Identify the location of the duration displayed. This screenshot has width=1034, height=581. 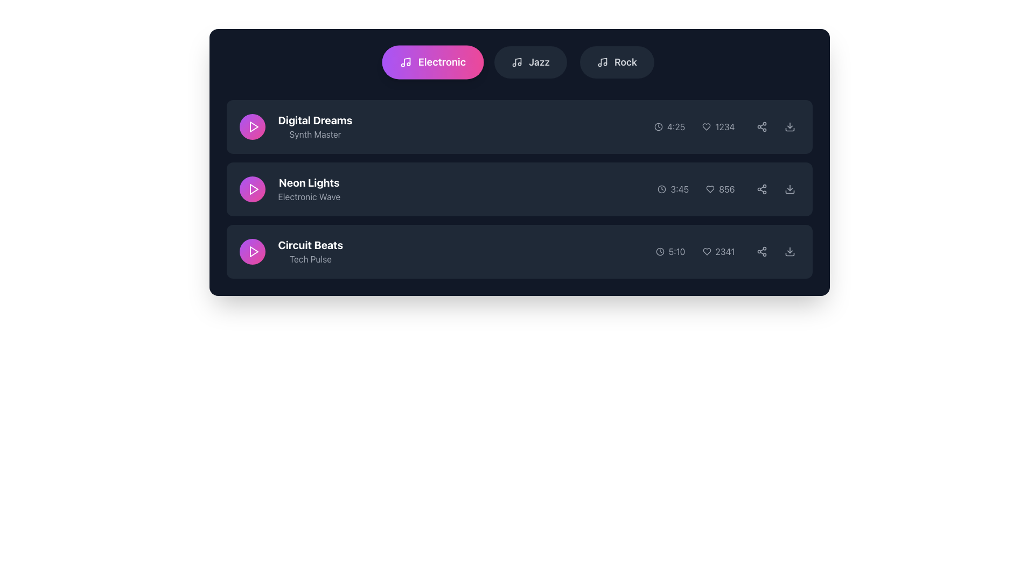
(679, 188).